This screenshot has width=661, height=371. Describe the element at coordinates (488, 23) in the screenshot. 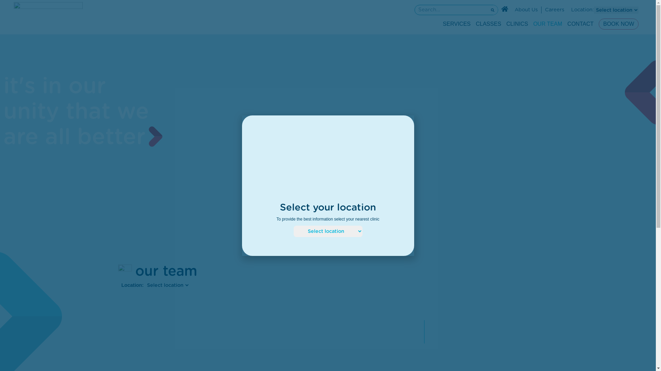

I see `'CLASSES'` at that location.